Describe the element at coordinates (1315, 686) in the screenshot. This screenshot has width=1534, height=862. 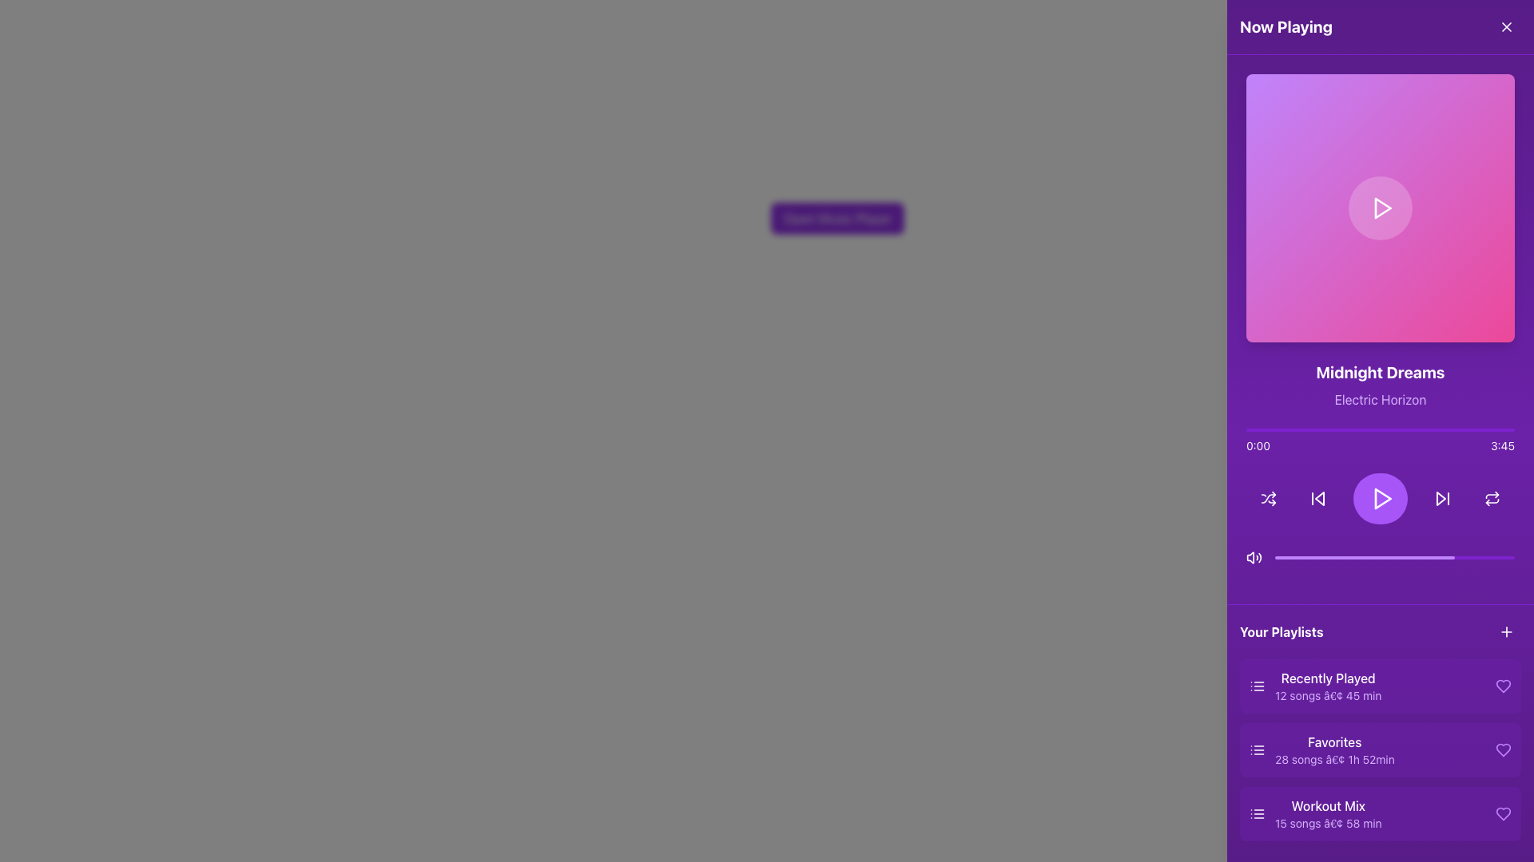
I see `the 'Recently Played' list item in the 'Your Playlists' section` at that location.